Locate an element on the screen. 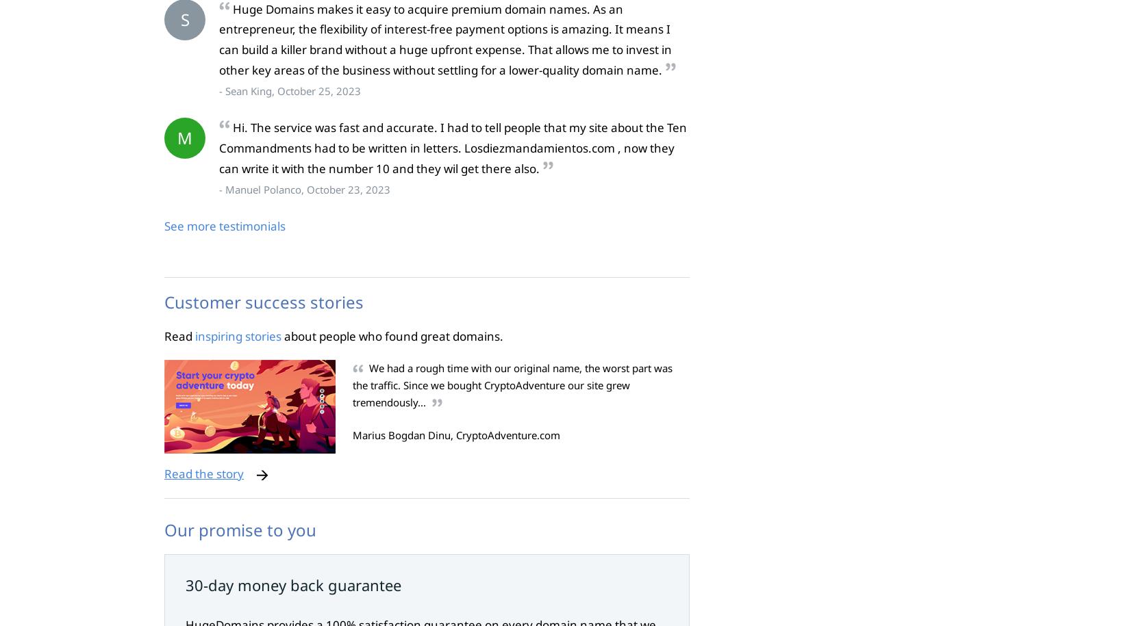 The image size is (1130, 626). 'Our promise to you' is located at coordinates (240, 528).